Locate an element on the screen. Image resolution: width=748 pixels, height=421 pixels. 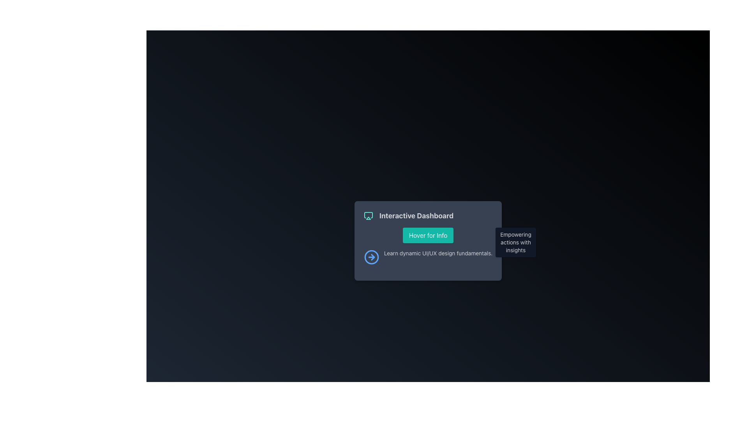
the label that serves as the title for the section, positioned above 'Hover for Info' and 'Learn dynamic UI/UX design fundamentals', with an icon to its left is located at coordinates (428, 216).